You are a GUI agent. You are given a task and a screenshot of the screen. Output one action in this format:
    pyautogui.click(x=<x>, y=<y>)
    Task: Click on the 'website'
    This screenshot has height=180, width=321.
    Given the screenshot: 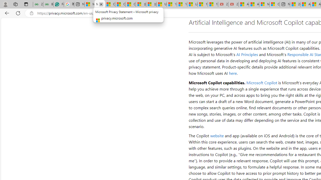 What is the action you would take?
    pyautogui.click(x=217, y=135)
    